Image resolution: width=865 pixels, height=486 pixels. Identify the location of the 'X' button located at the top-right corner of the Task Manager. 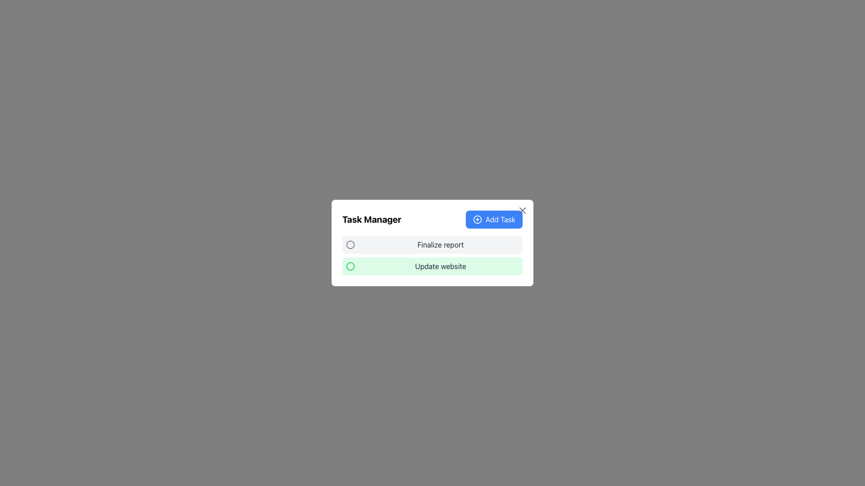
(523, 210).